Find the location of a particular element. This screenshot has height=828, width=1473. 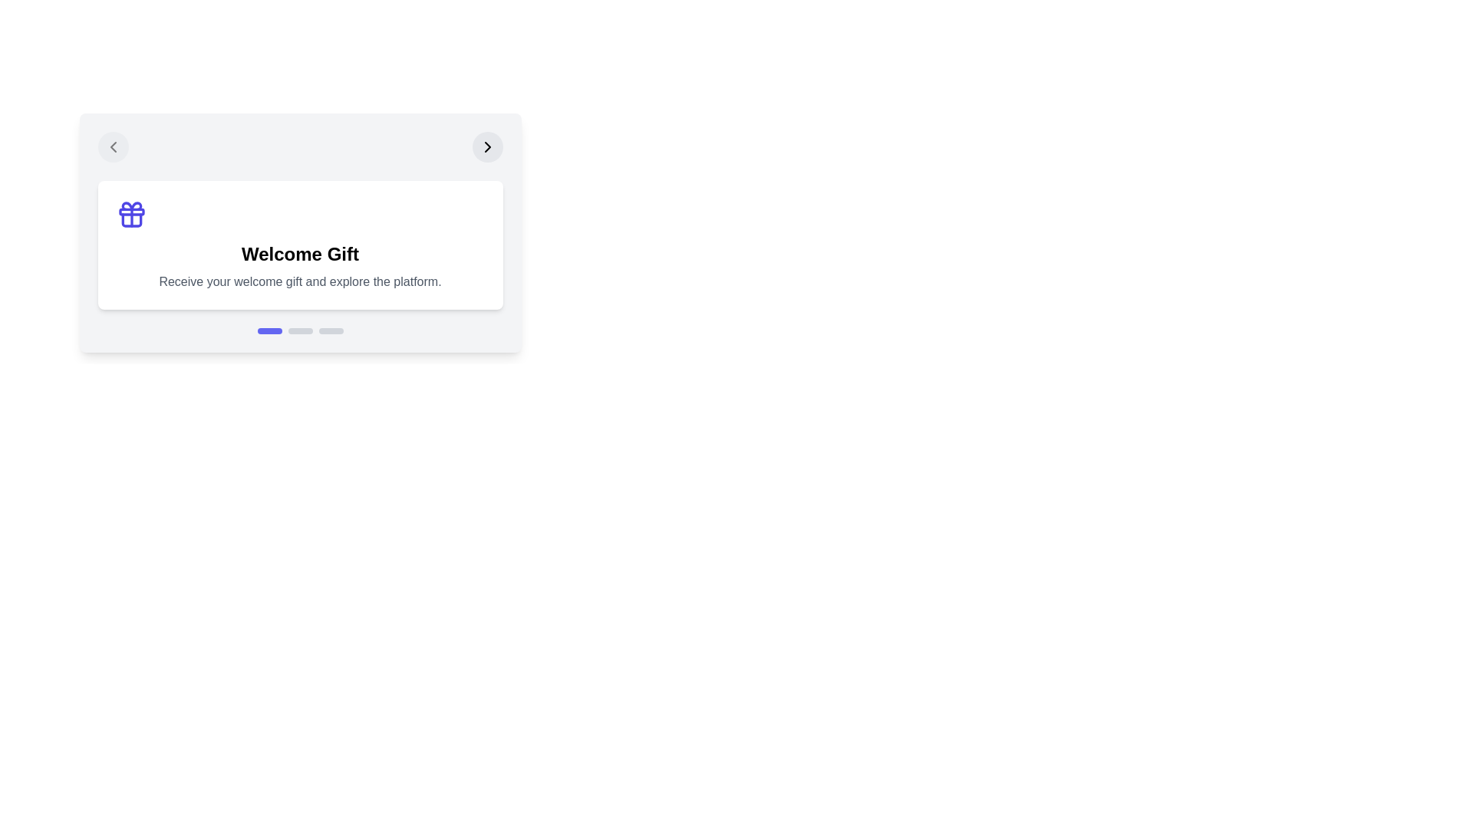

the stage indicator corresponding to stage 3 is located at coordinates (330, 330).